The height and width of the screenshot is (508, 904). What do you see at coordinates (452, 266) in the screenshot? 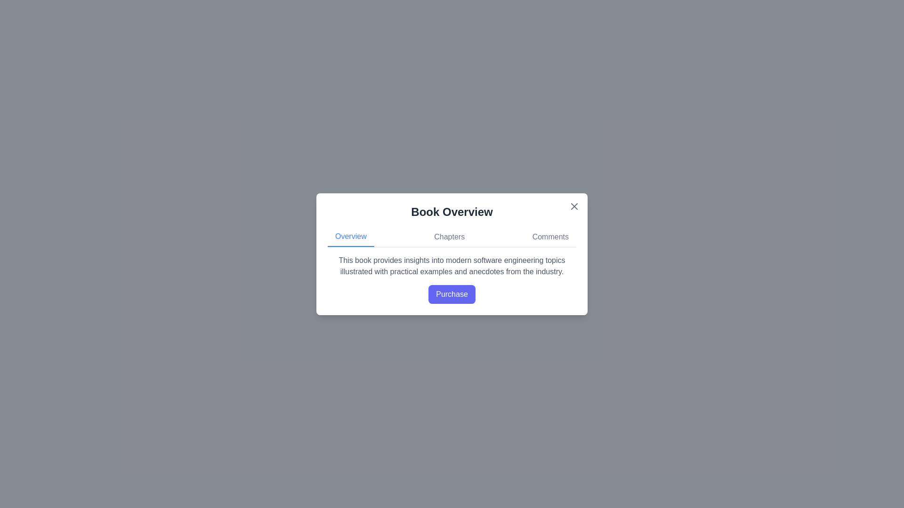
I see `detailed information text about the book, located in the modal dialog beneath the navigation tabs and above the 'Purchase' button` at bounding box center [452, 266].